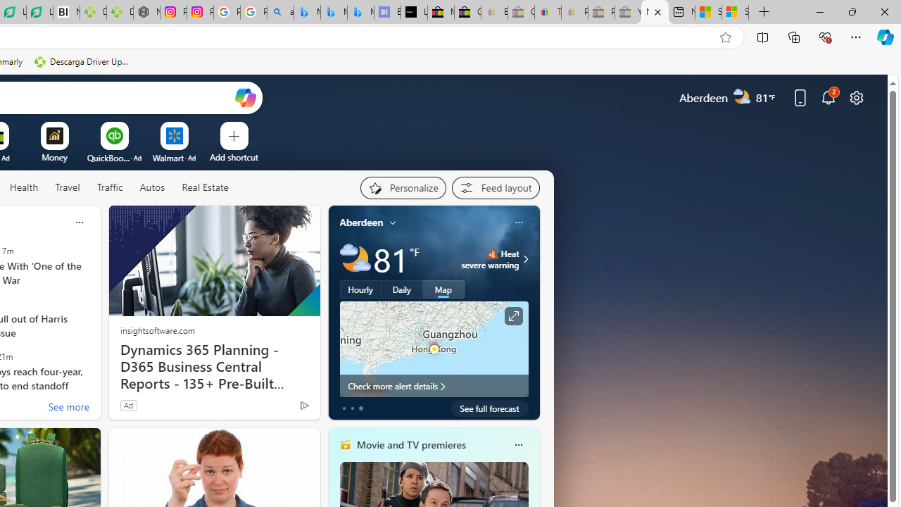 The width and height of the screenshot is (901, 507). Describe the element at coordinates (490, 258) in the screenshot. I see `'Heat - Severe Heat severe warning'` at that location.